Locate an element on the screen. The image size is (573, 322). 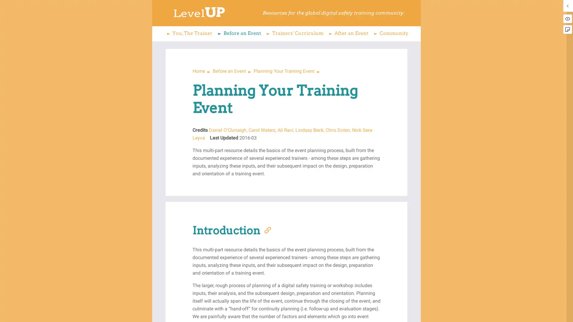
New page note is located at coordinates (567, 30).